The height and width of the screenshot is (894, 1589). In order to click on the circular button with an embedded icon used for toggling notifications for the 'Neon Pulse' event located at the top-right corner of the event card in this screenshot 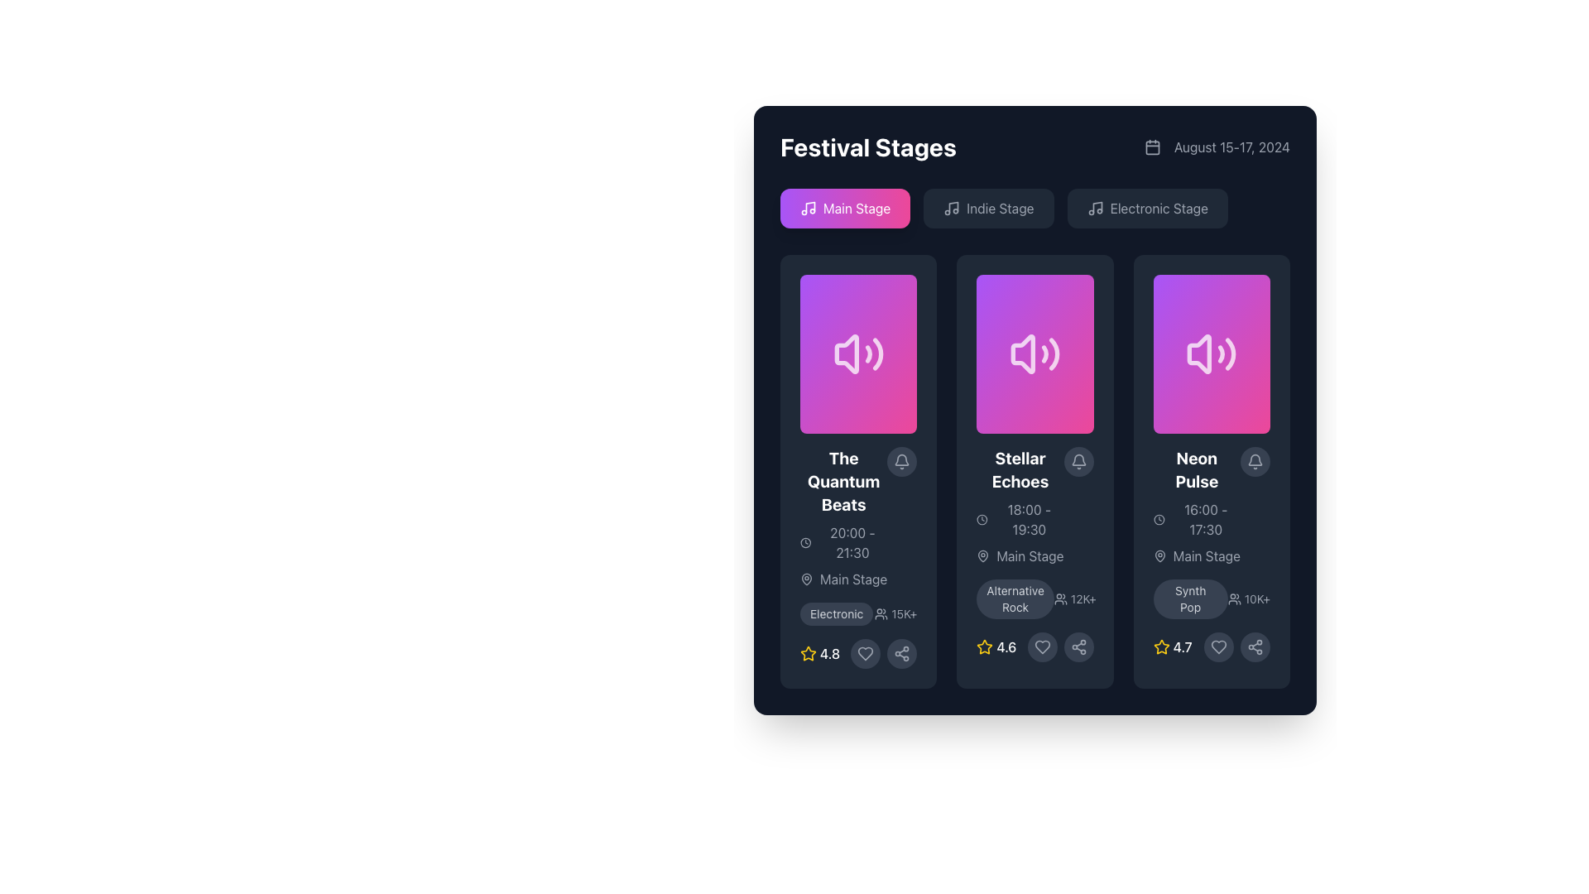, I will do `click(1255, 462)`.